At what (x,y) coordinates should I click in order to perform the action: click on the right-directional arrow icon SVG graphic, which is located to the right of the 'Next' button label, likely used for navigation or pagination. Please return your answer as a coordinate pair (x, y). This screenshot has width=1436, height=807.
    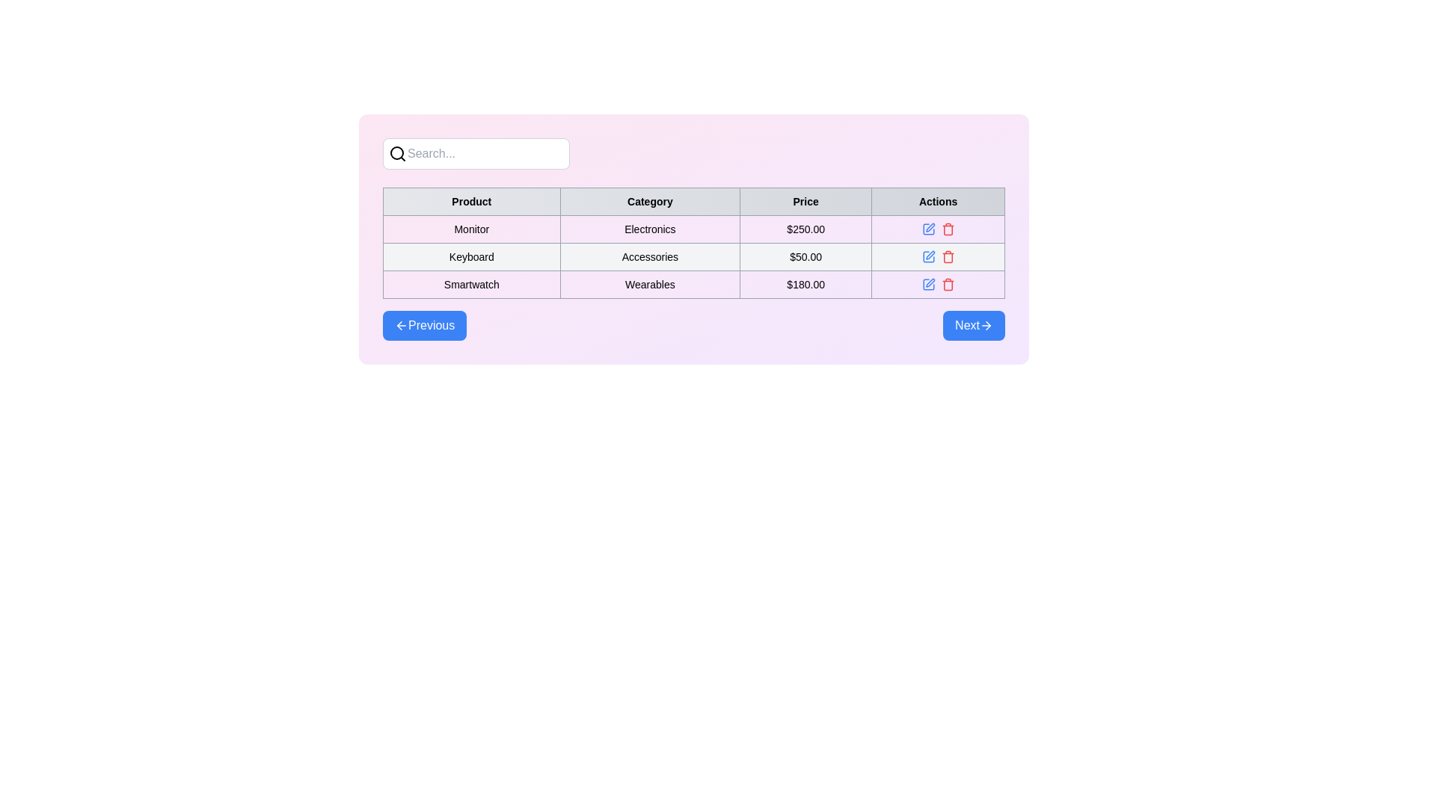
    Looking at the image, I should click on (988, 324).